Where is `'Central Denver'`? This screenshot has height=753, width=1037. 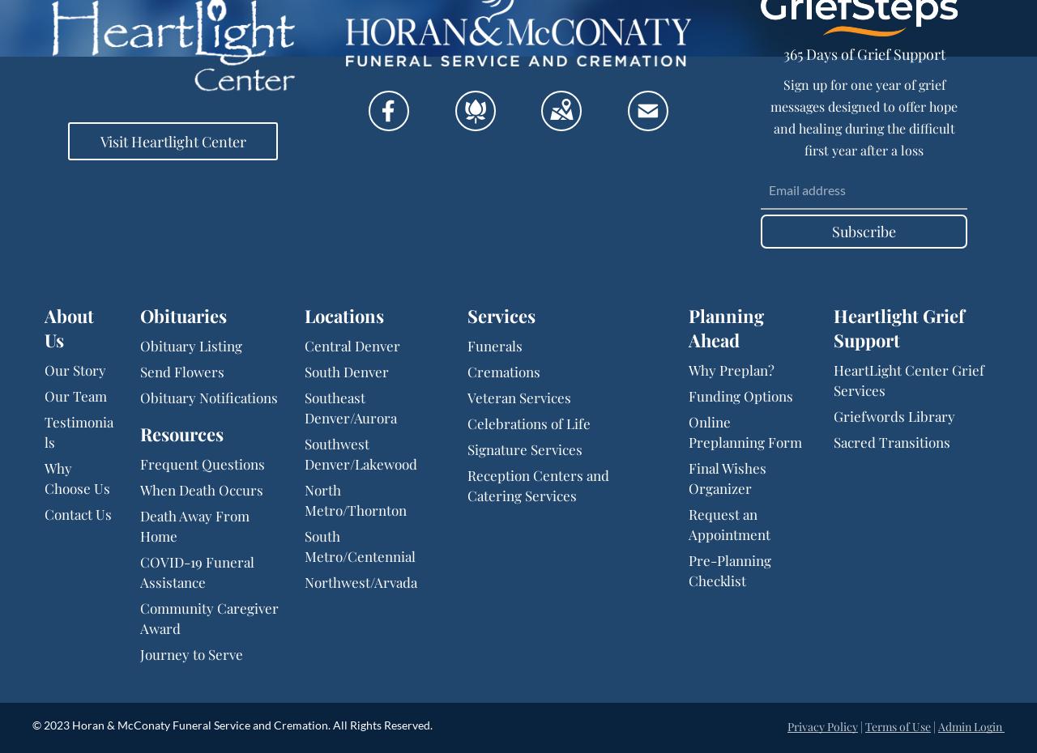 'Central Denver' is located at coordinates (351, 345).